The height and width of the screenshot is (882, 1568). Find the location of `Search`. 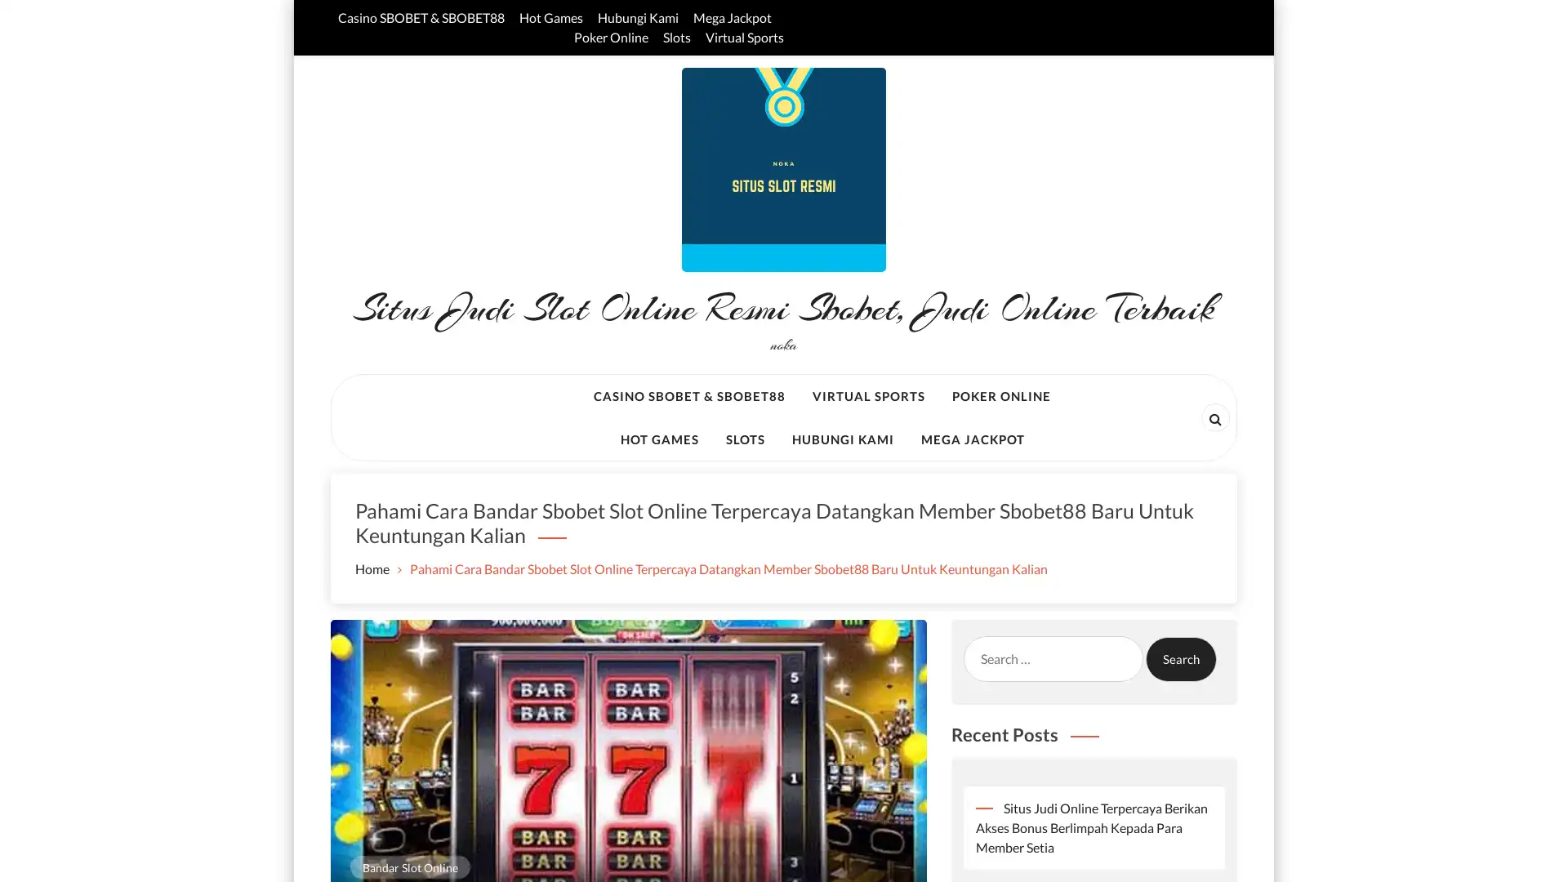

Search is located at coordinates (1181, 657).